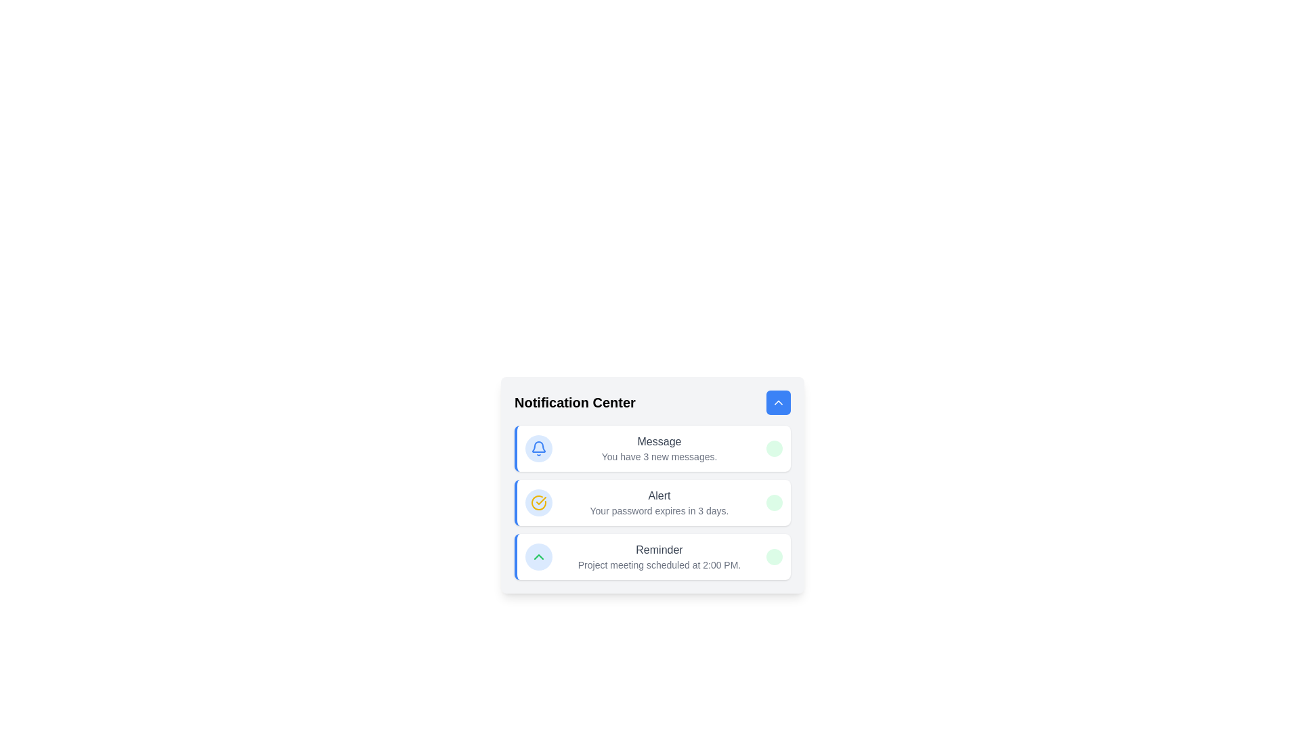 This screenshot has height=731, width=1300. Describe the element at coordinates (538, 503) in the screenshot. I see `the circular light blue icon with a yellow checkmark symbol located to the left of the 'Alert' title in the Notification Center` at that location.